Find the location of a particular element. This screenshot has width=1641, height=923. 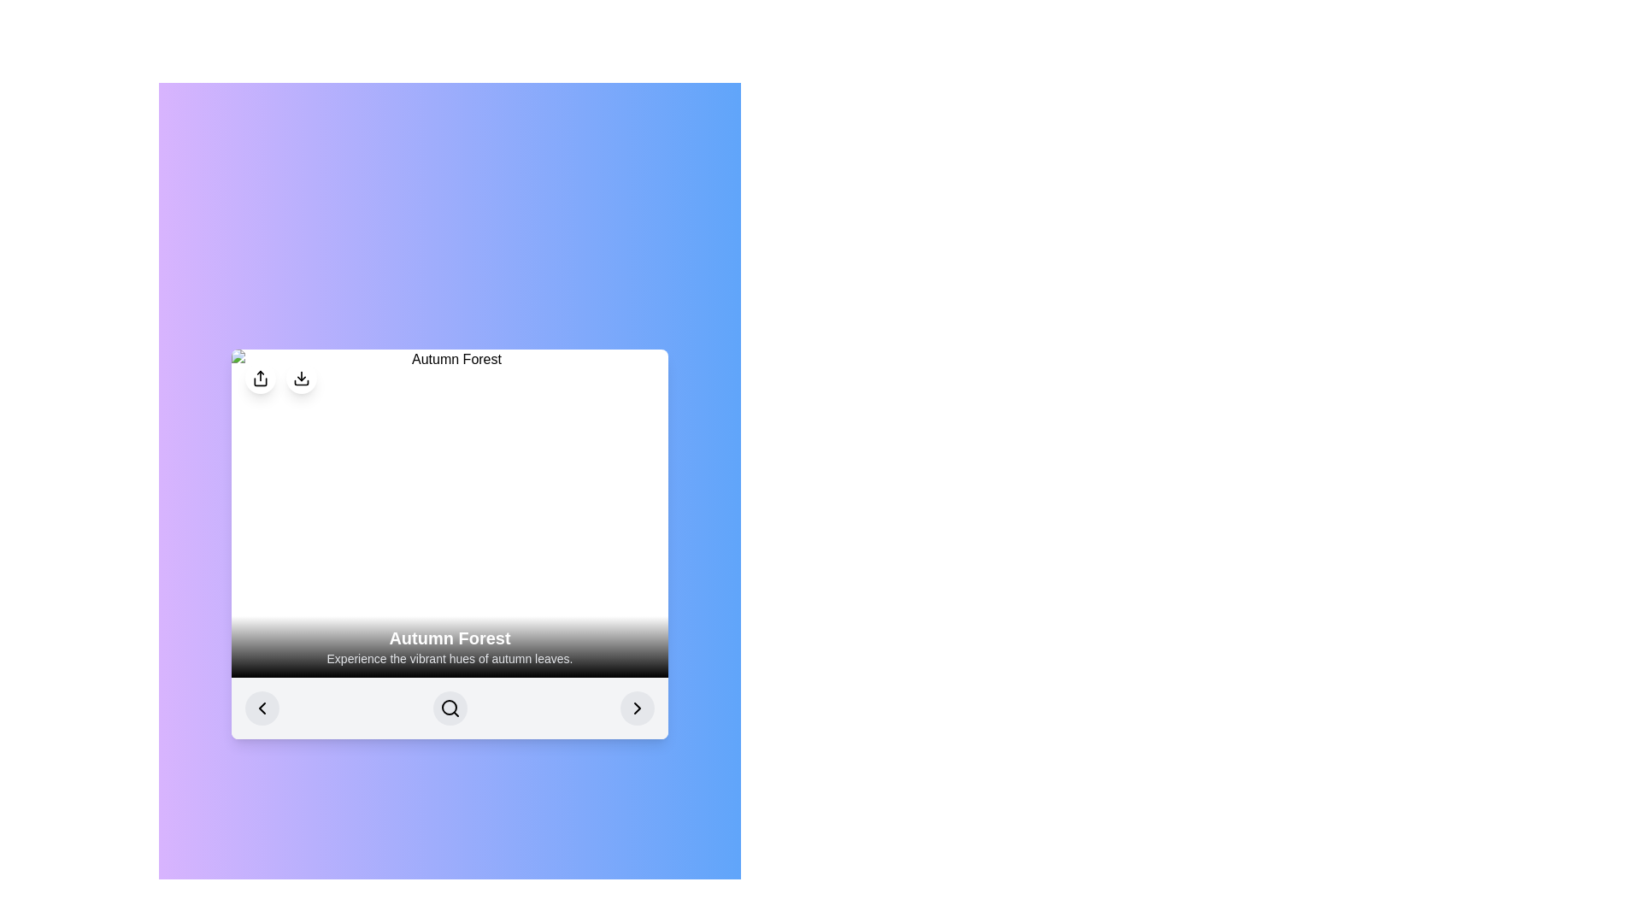

the left arrow icon button with a circular light gray background located at the bottom left corner of the control panel is located at coordinates (262, 708).